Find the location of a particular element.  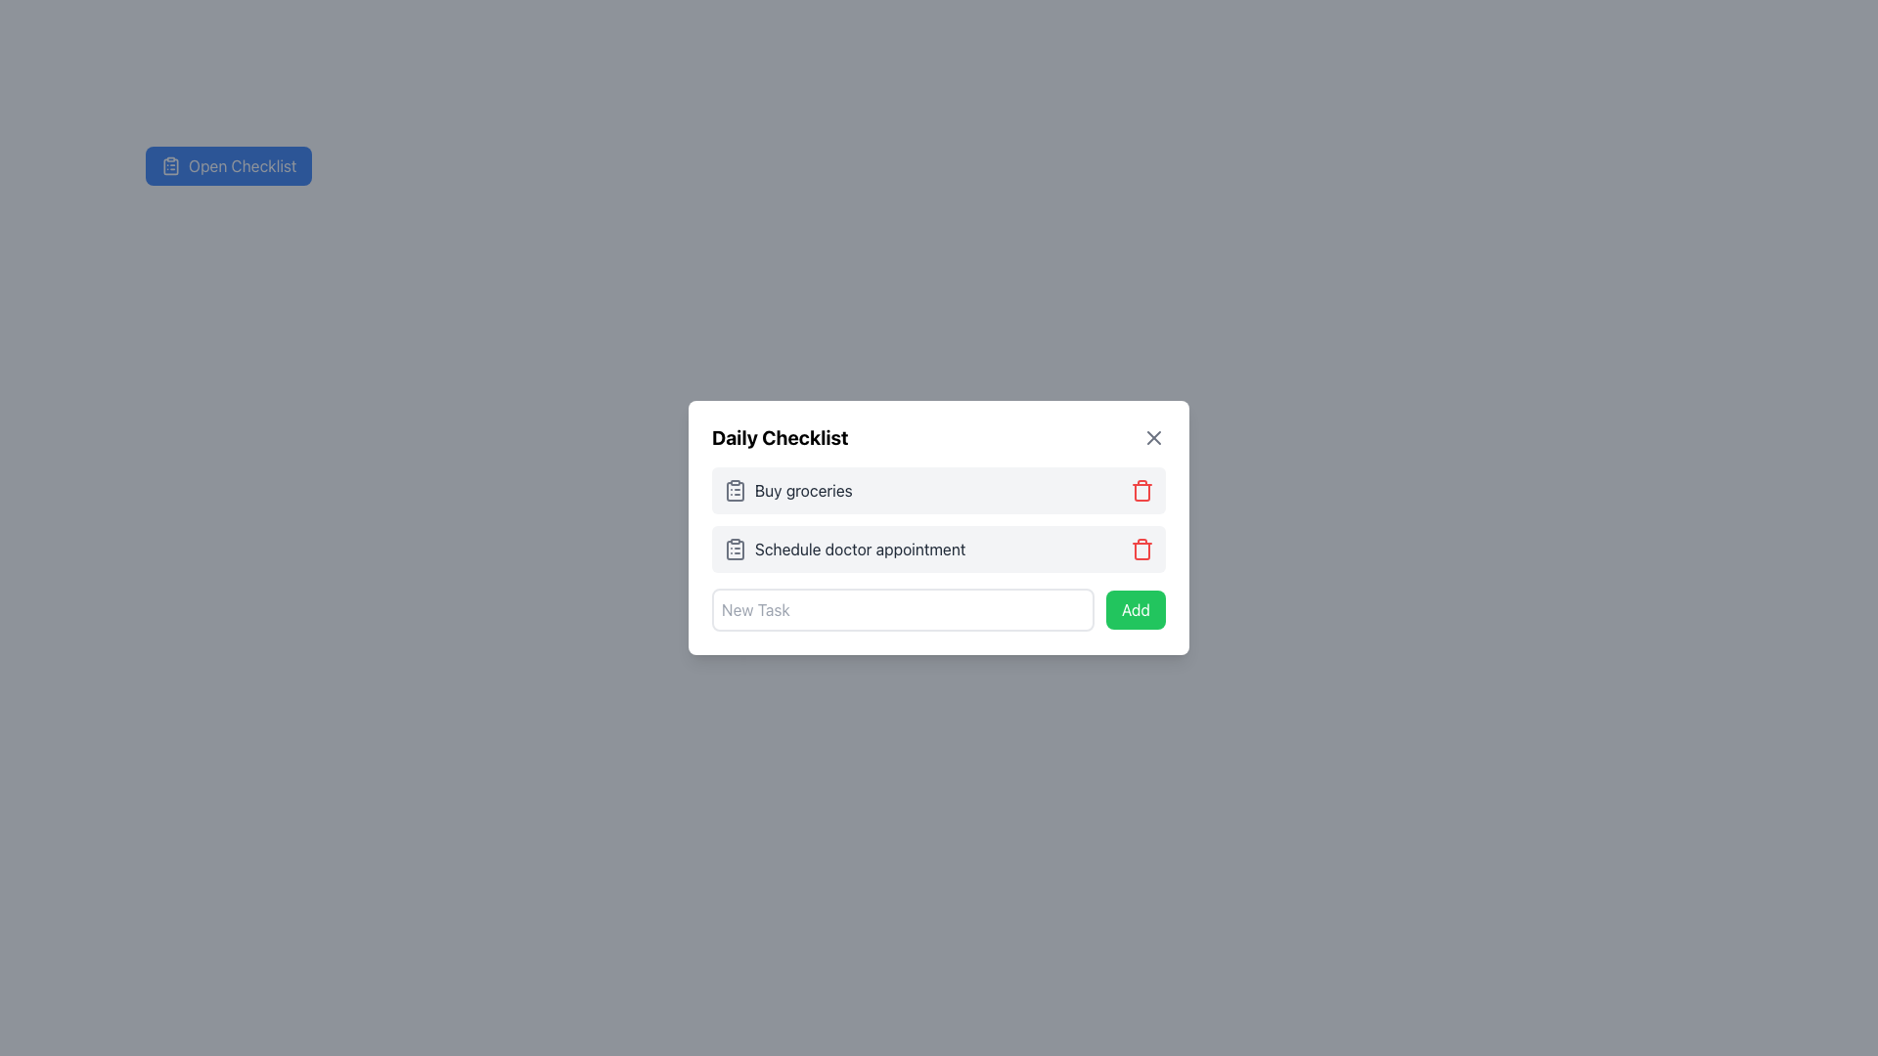

the button that opens or reveals the checklist is located at coordinates (229, 164).